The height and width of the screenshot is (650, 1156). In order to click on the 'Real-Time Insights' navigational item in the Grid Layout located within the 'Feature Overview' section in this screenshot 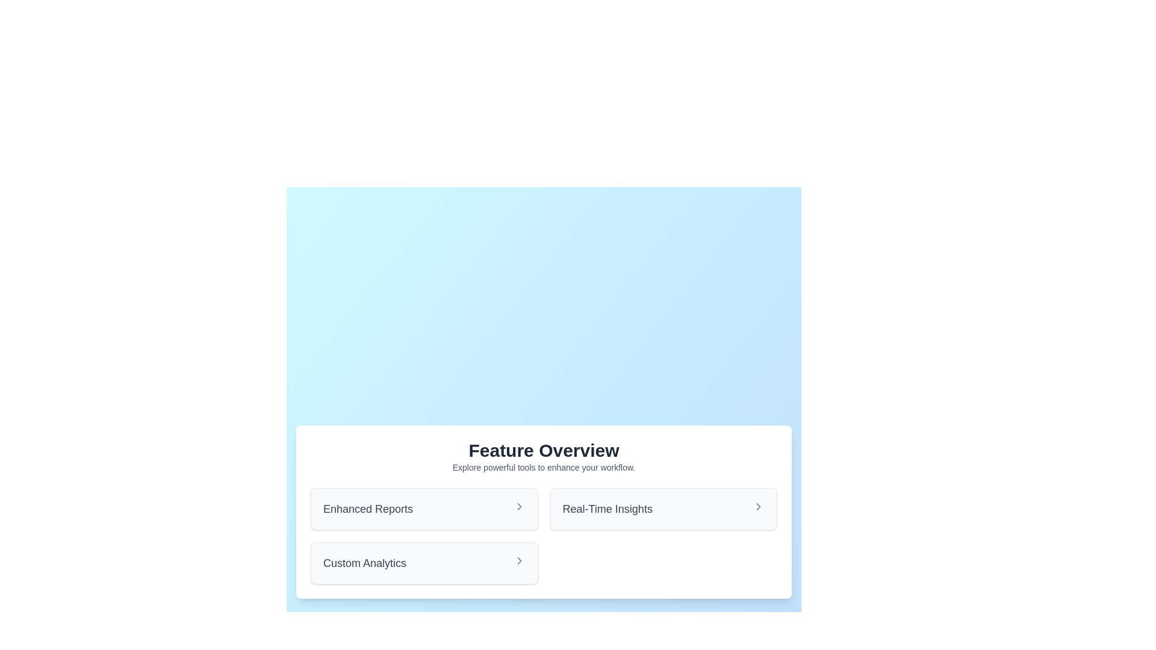, I will do `click(543, 536)`.